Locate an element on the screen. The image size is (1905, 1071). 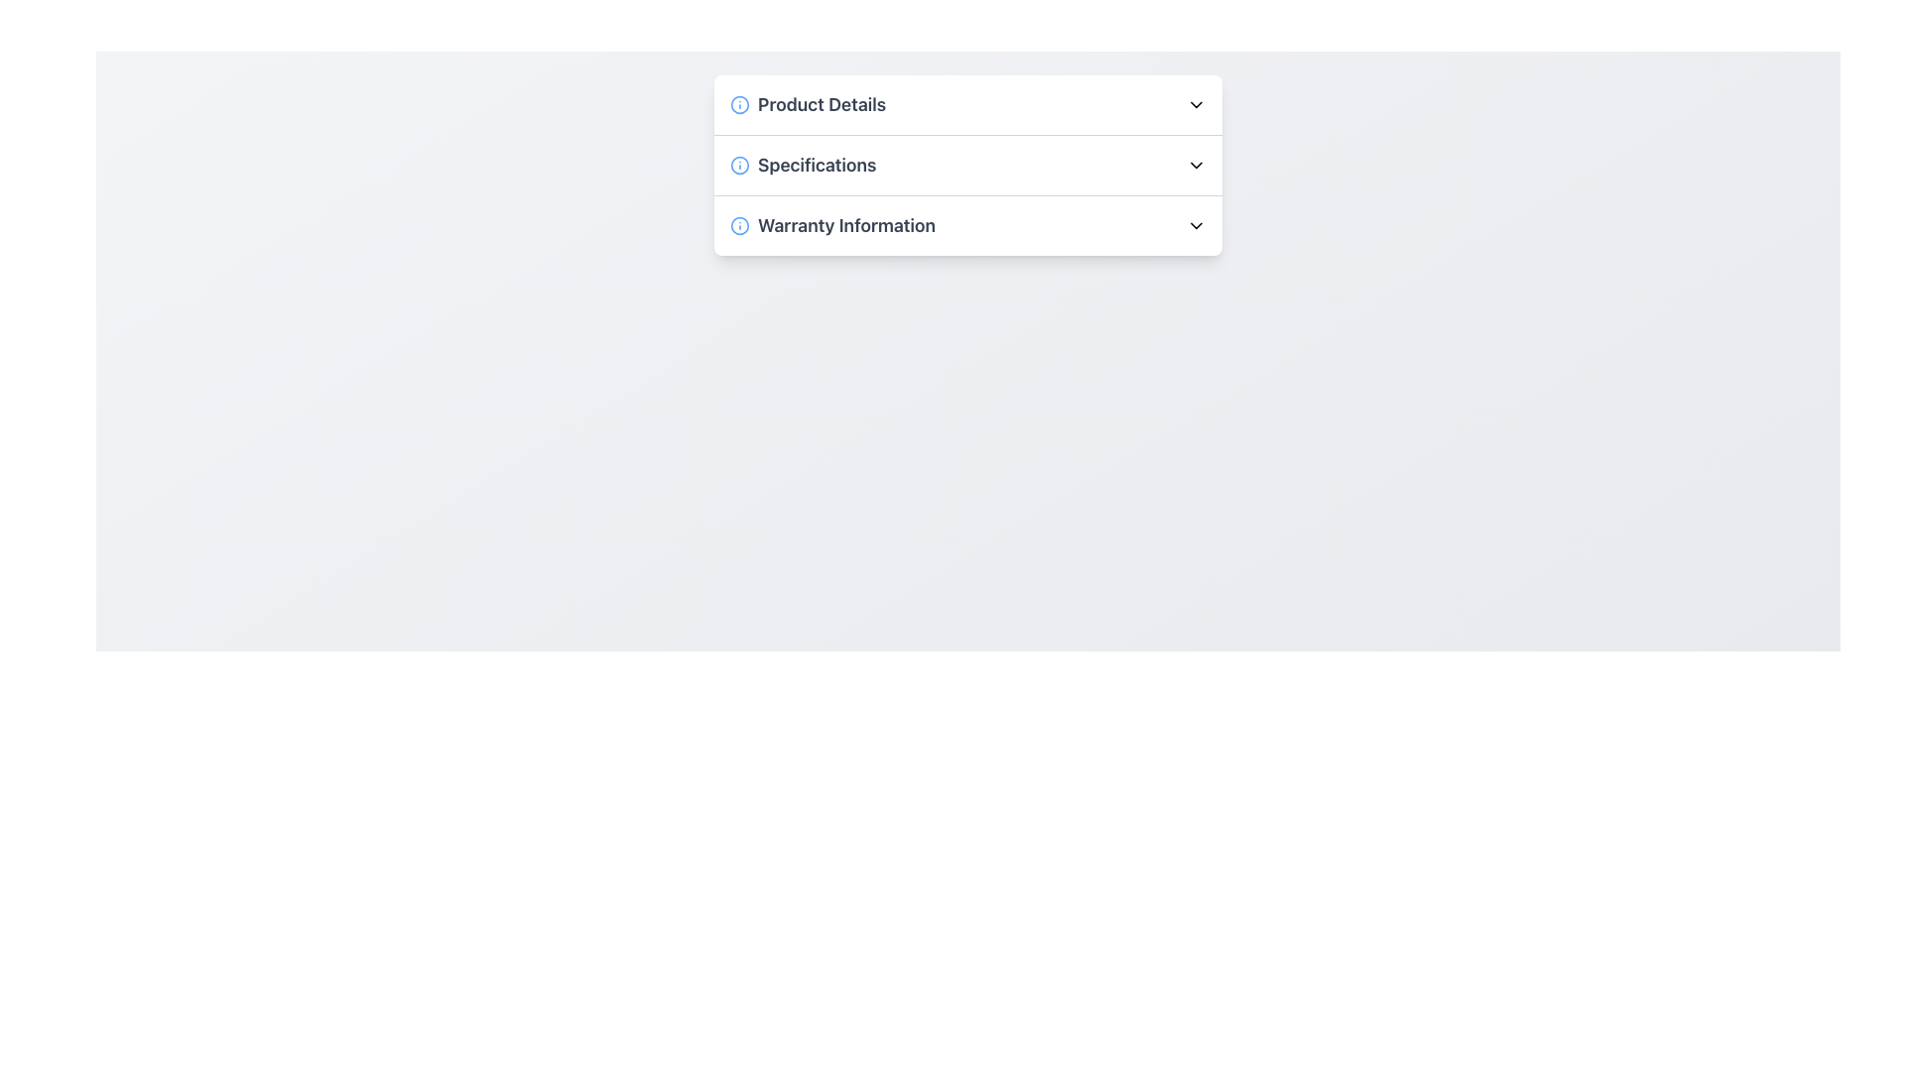
the 'Product Details' text label, which is styled with a bold font and a grayish color tone, and is visually distinct due to its larger font size compared to other text on the interface is located at coordinates (822, 104).